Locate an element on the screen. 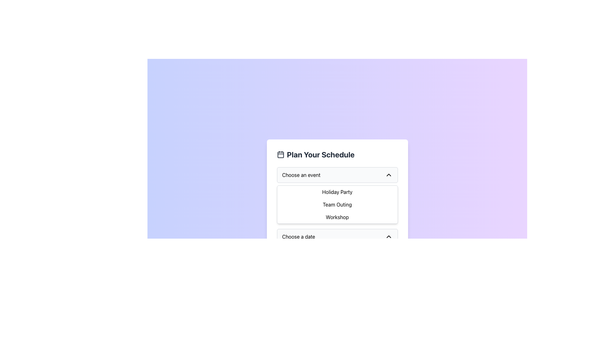 The image size is (605, 340). the 'Team Outing' dropdown option, which is the second item in the 'Choose an event' list under 'Plan Your Schedule' is located at coordinates (337, 205).